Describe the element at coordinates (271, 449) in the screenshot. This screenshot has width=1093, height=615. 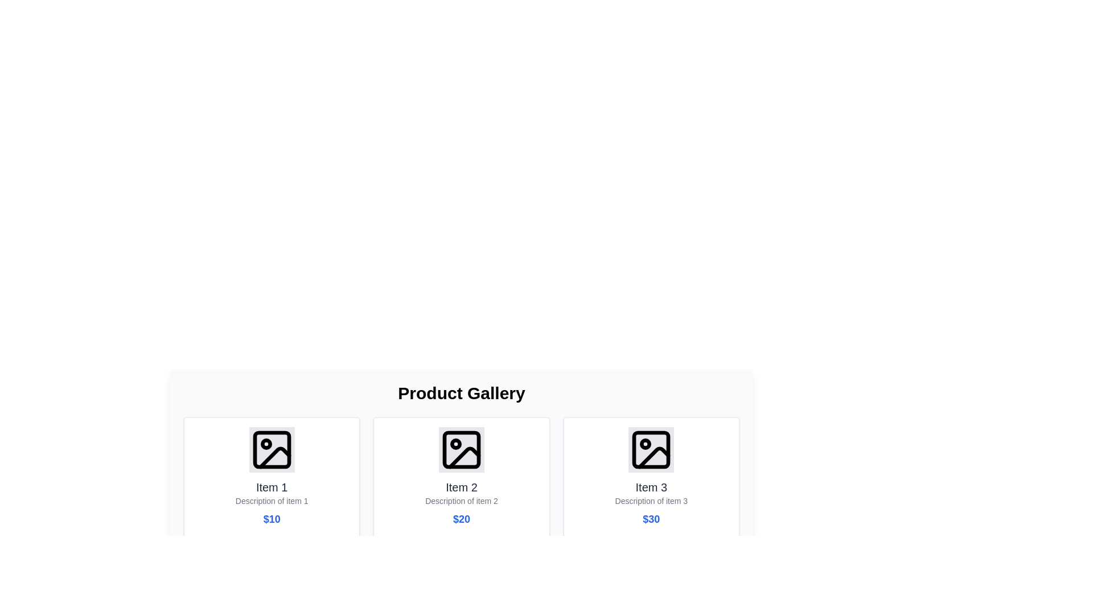
I see `the image placeholder icon representing 'Item 1' in the product gallery, which is positioned above the text and description within its card` at that location.